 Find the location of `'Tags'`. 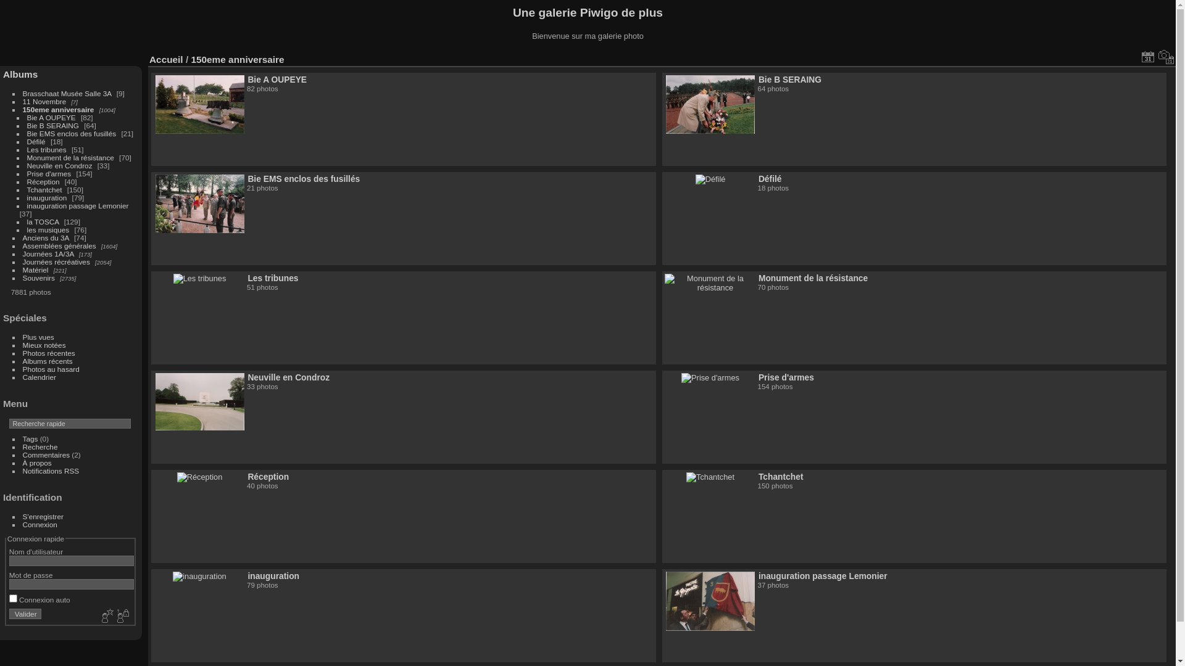

'Tags' is located at coordinates (30, 438).